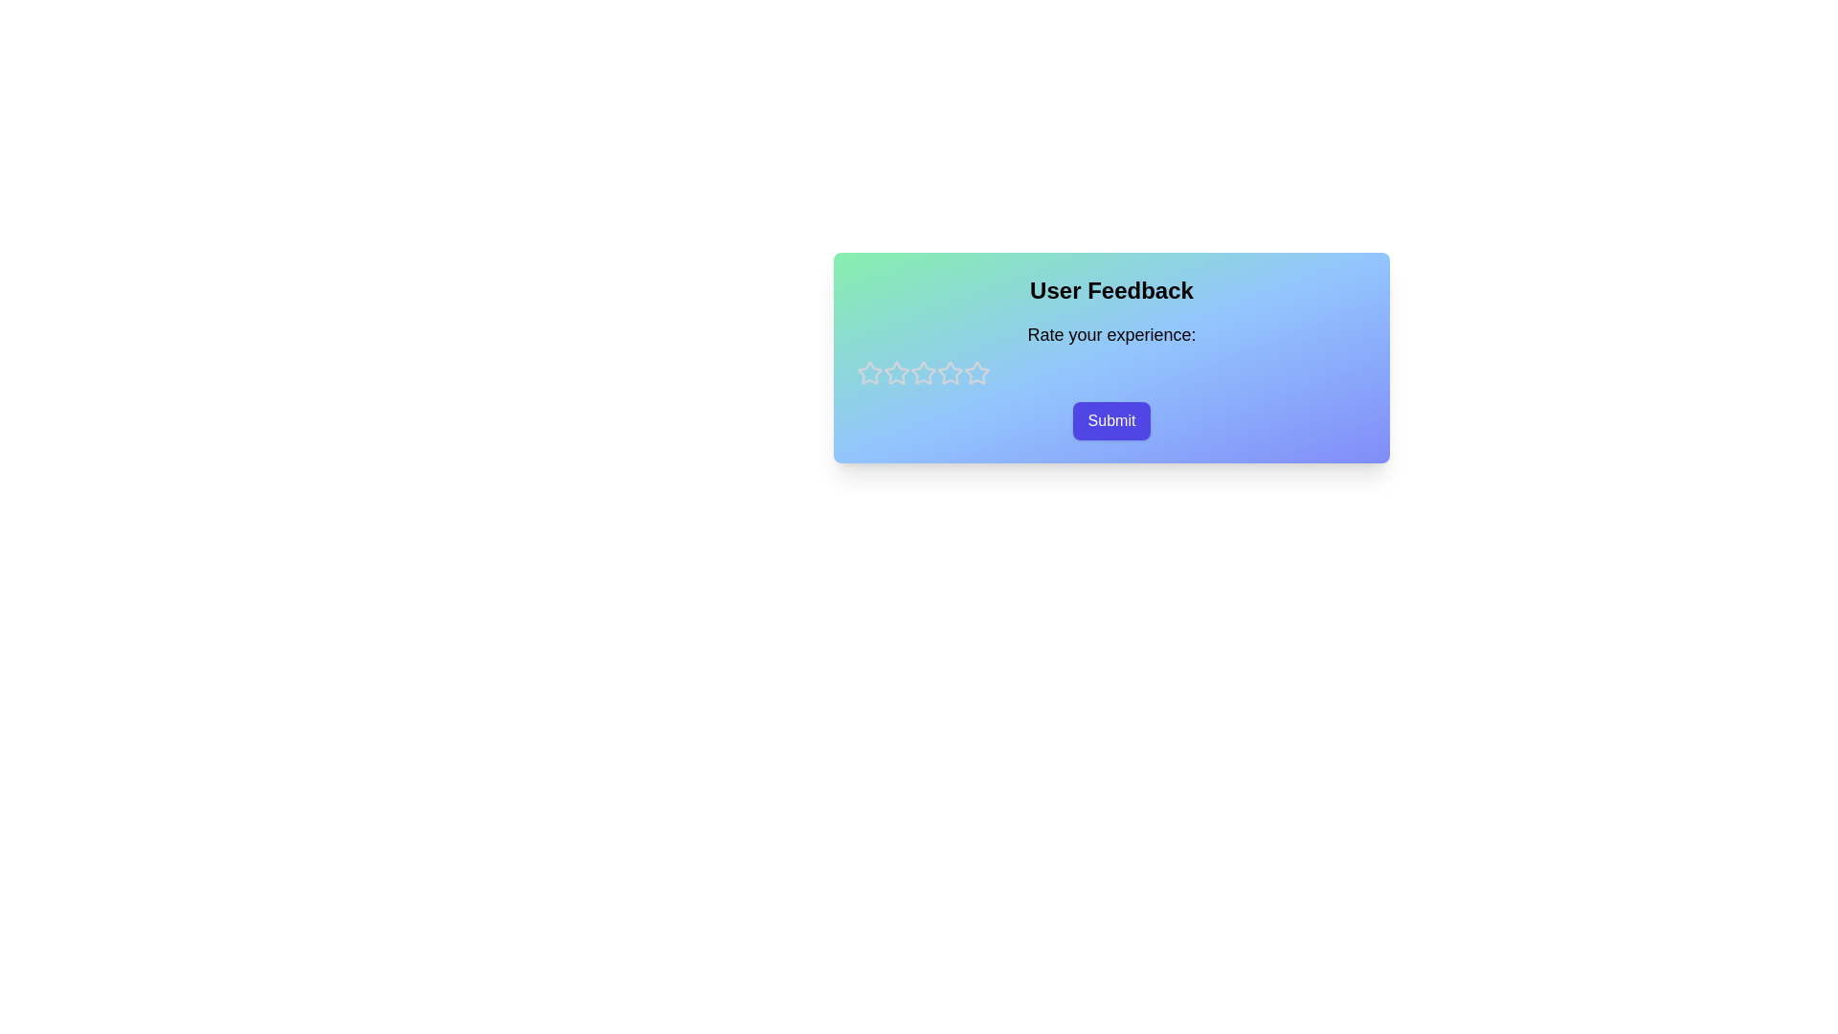 This screenshot has height=1034, width=1838. Describe the element at coordinates (923, 372) in the screenshot. I see `the second star in a horizontal row of five stars, which is outlined in gray and indicates a non-filled state for interaction` at that location.